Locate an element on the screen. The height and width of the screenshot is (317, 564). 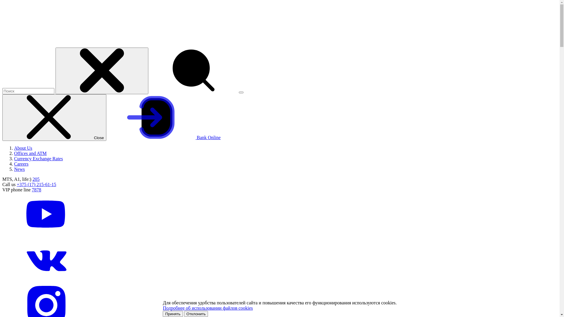
'YouTube' is located at coordinates (46, 235).